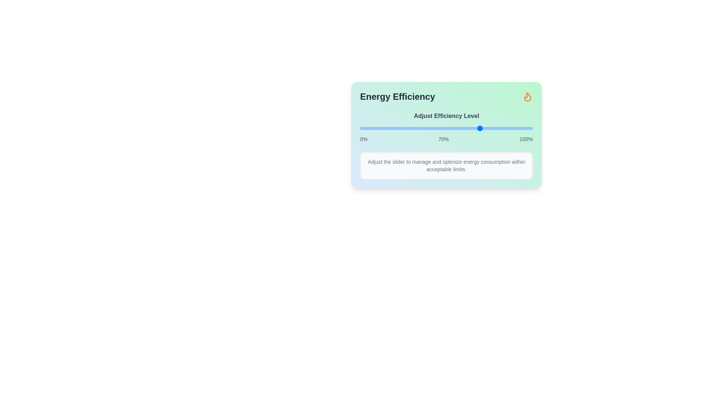 Image resolution: width=715 pixels, height=402 pixels. I want to click on the energy efficiency level to 29% by interacting with the slider, so click(410, 128).